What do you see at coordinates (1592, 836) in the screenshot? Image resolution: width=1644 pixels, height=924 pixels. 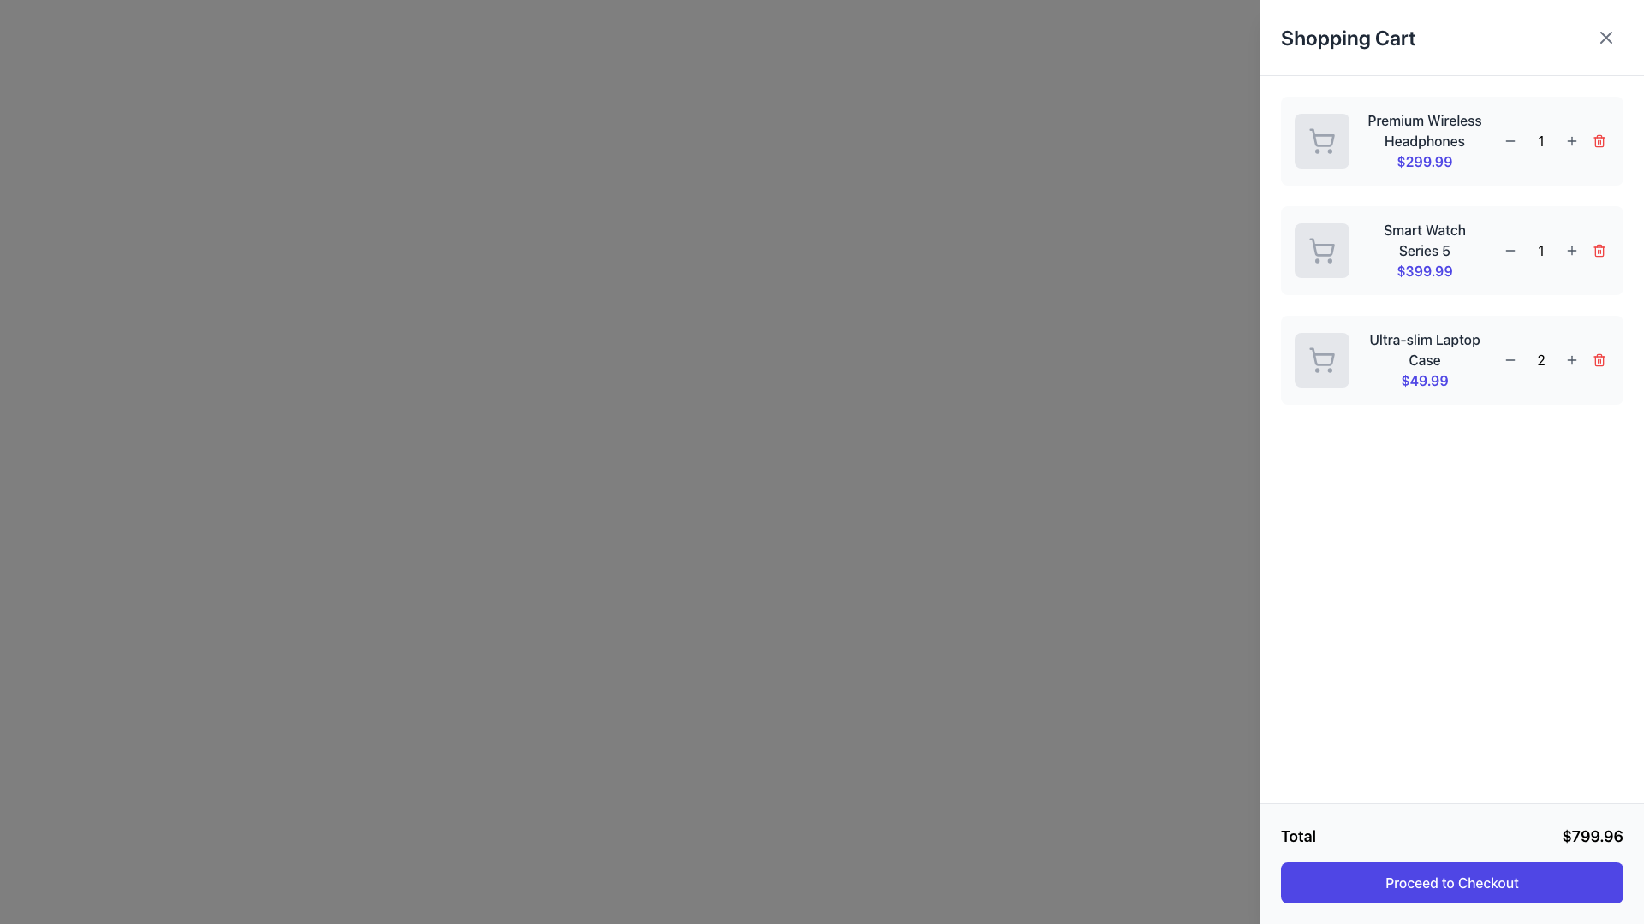 I see `subtotal price displayed in bold text next to the 'Total' label in the shopping cart interface` at bounding box center [1592, 836].